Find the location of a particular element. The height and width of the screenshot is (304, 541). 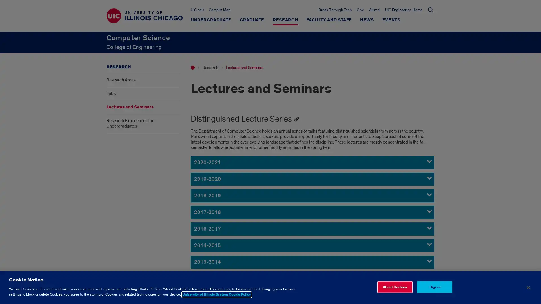

2014-2015 is located at coordinates (312, 245).